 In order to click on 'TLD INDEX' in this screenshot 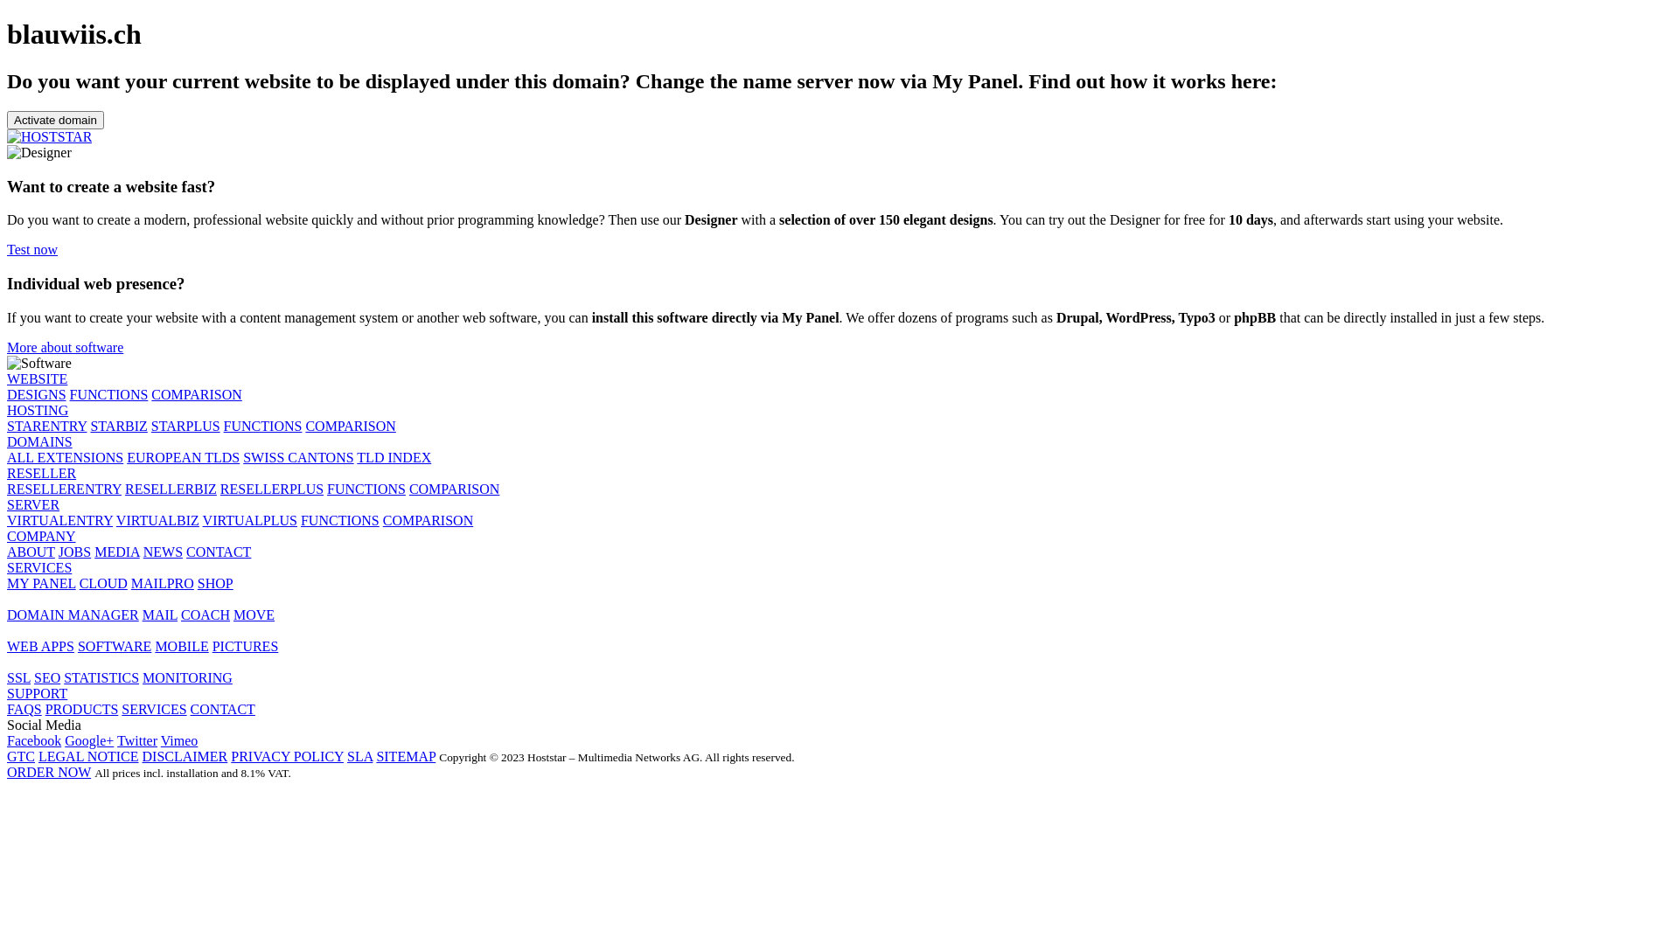, I will do `click(393, 456)`.